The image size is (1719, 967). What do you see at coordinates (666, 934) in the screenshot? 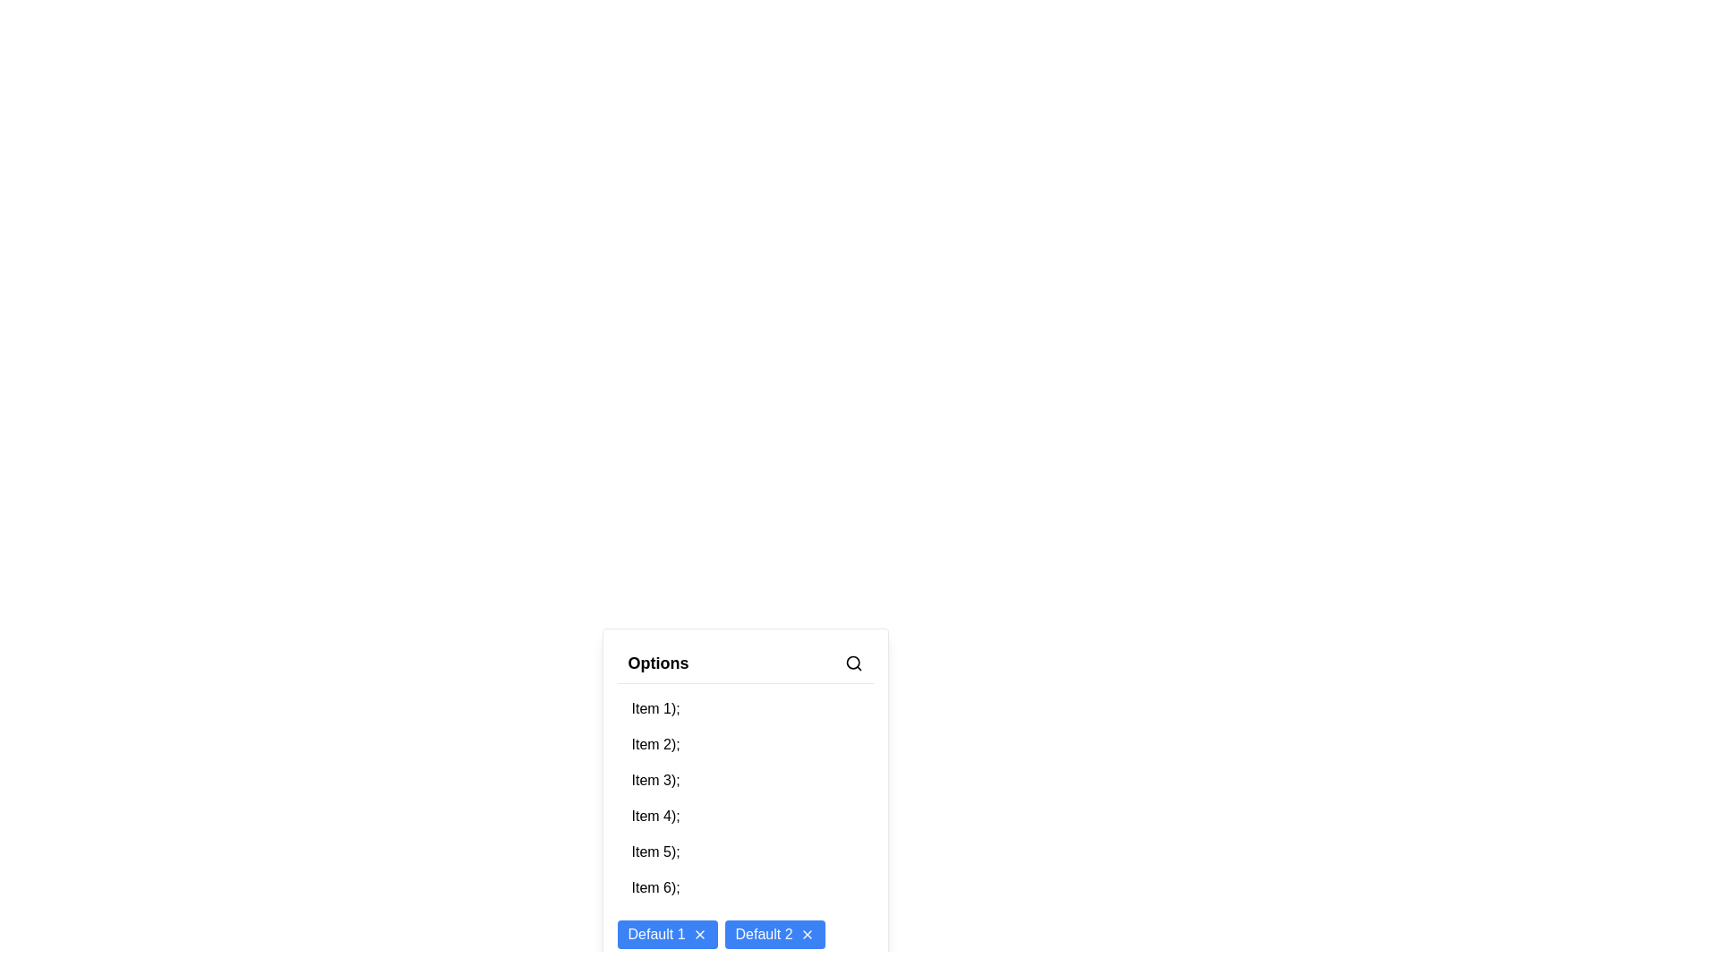
I see `the blue button labeled 'Default 1' with white text and an embedded 'X' icon` at bounding box center [666, 934].